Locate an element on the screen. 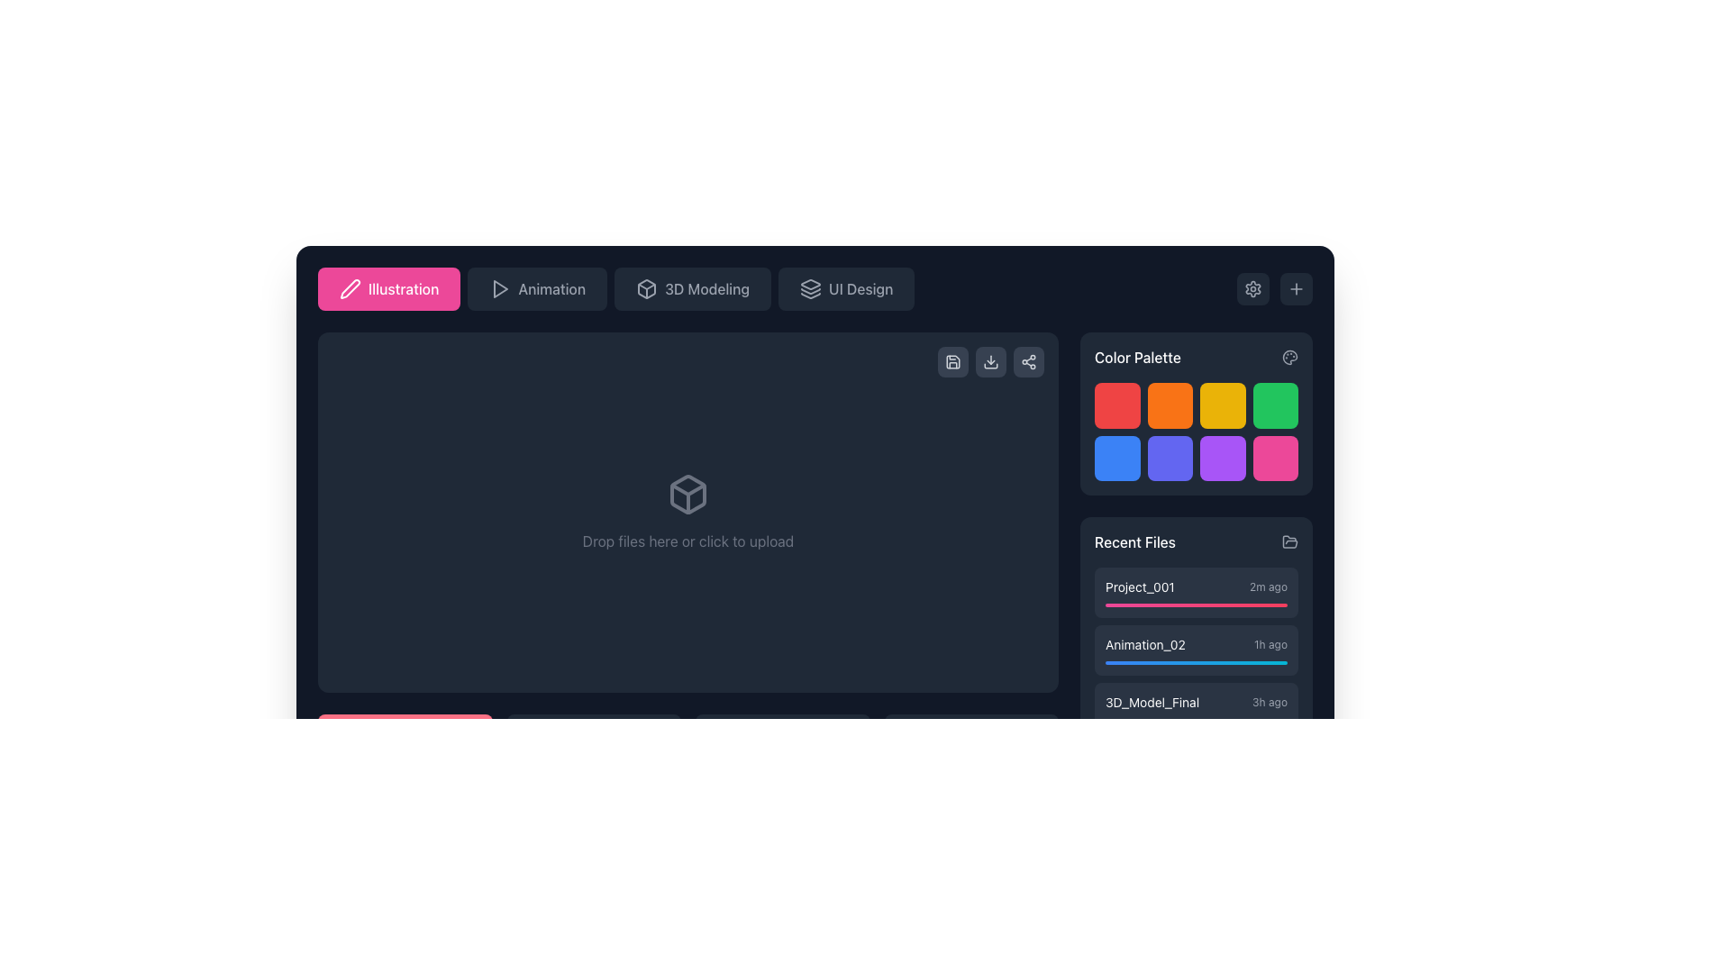 The image size is (1730, 973). the 3D box icon, which serves as the background and primary body of the graphical representation in the interface is located at coordinates (687, 494).